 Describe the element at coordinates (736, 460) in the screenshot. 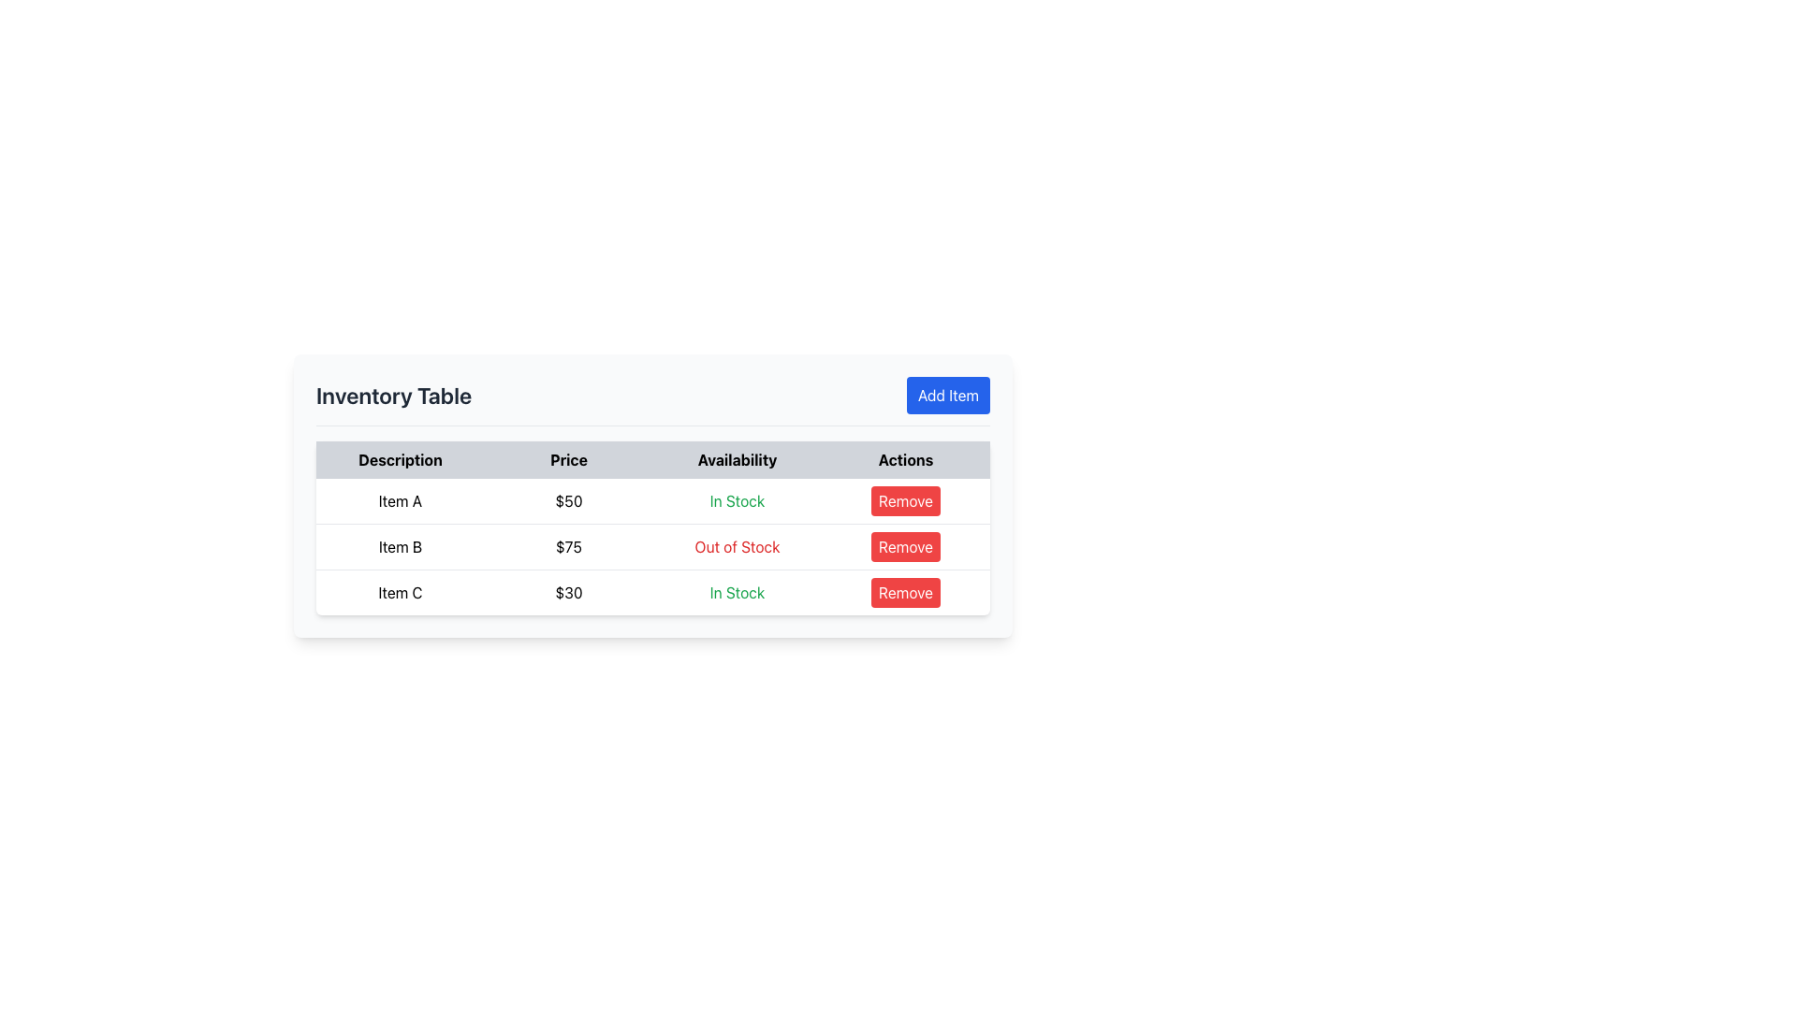

I see `the 'Availability' text label in the table header, which is located in the third column, between 'Price' and 'Actions'` at that location.